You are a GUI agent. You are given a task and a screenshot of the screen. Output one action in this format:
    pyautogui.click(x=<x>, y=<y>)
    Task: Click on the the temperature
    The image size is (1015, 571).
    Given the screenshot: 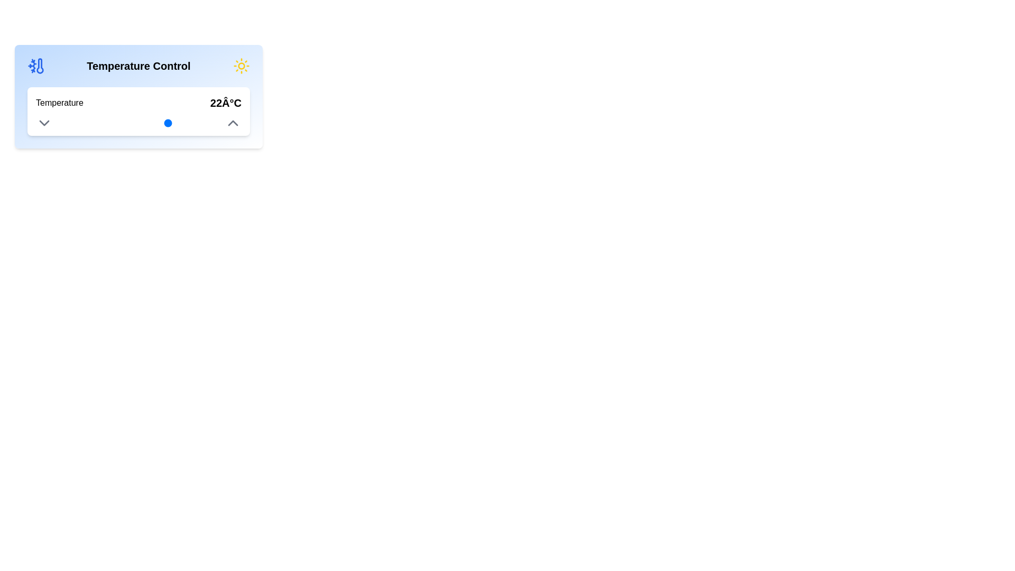 What is the action you would take?
    pyautogui.click(x=200, y=122)
    